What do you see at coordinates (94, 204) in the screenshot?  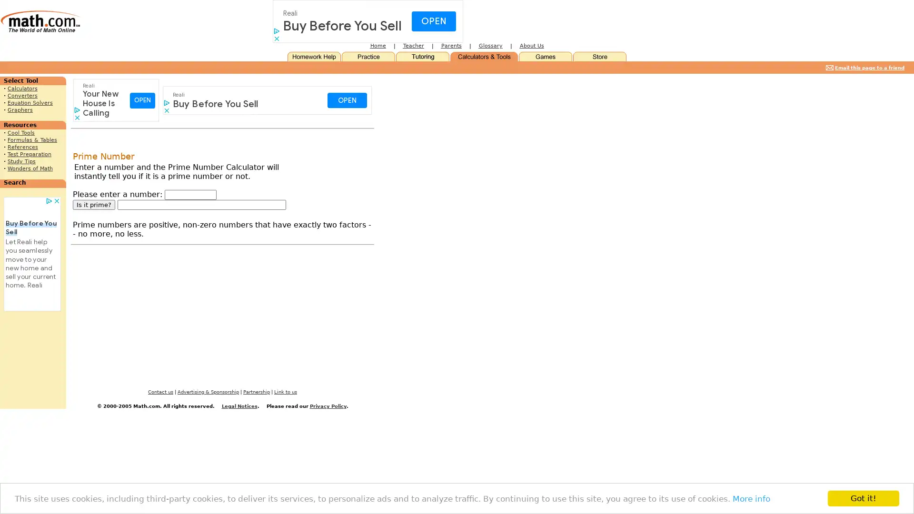 I see `Is it prime?` at bounding box center [94, 204].